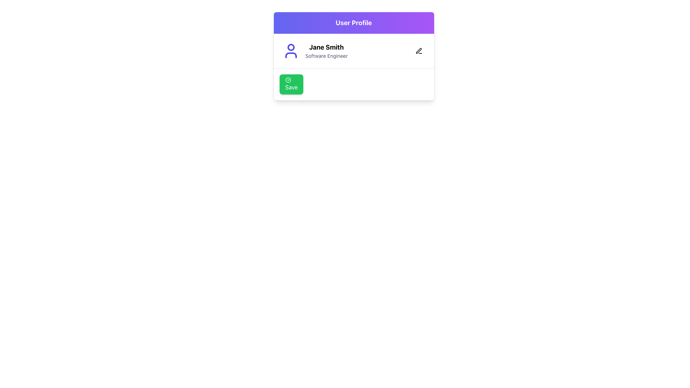 This screenshot has width=690, height=388. Describe the element at coordinates (326, 51) in the screenshot. I see `the text display showing 'Jane Smith' and 'Software Engineer' in the user profile card` at that location.